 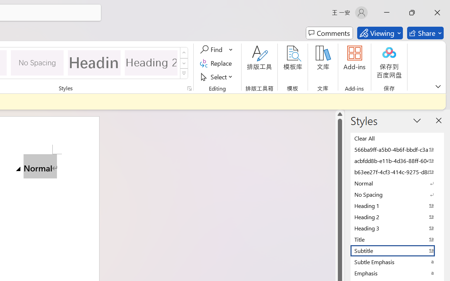 What do you see at coordinates (397, 250) in the screenshot?
I see `'Subtitle'` at bounding box center [397, 250].